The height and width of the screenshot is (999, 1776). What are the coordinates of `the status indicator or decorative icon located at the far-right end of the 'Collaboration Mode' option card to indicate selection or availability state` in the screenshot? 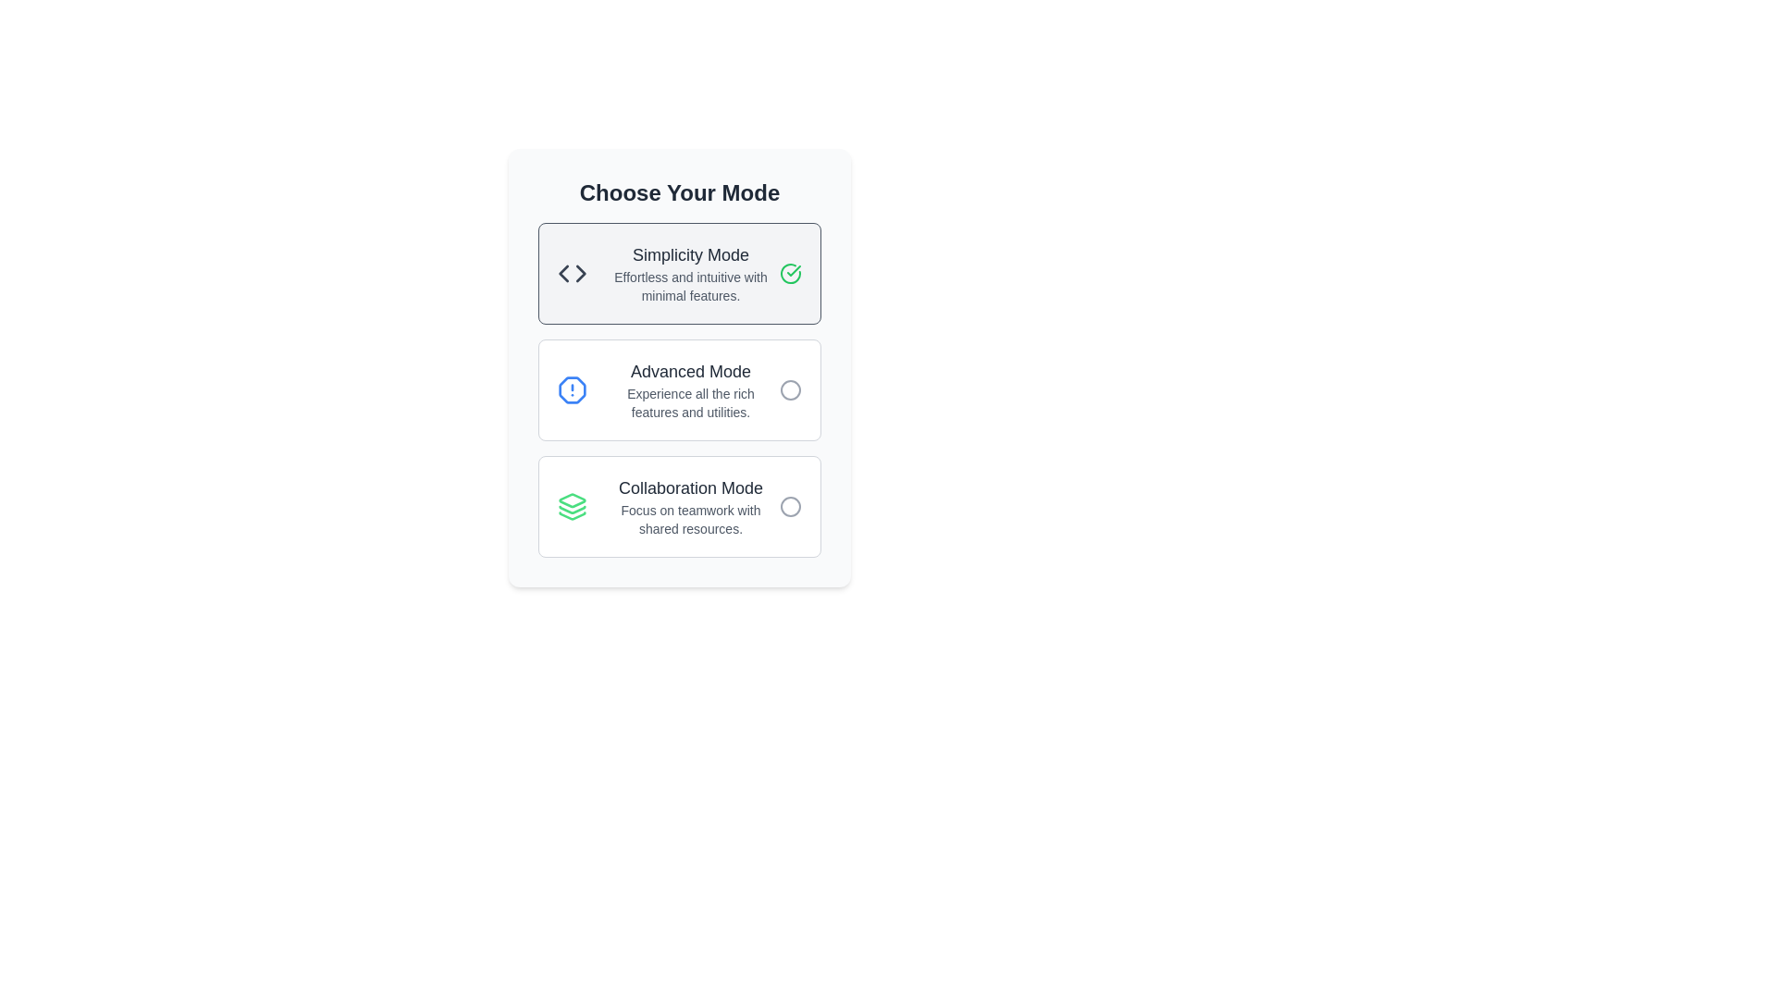 It's located at (790, 506).